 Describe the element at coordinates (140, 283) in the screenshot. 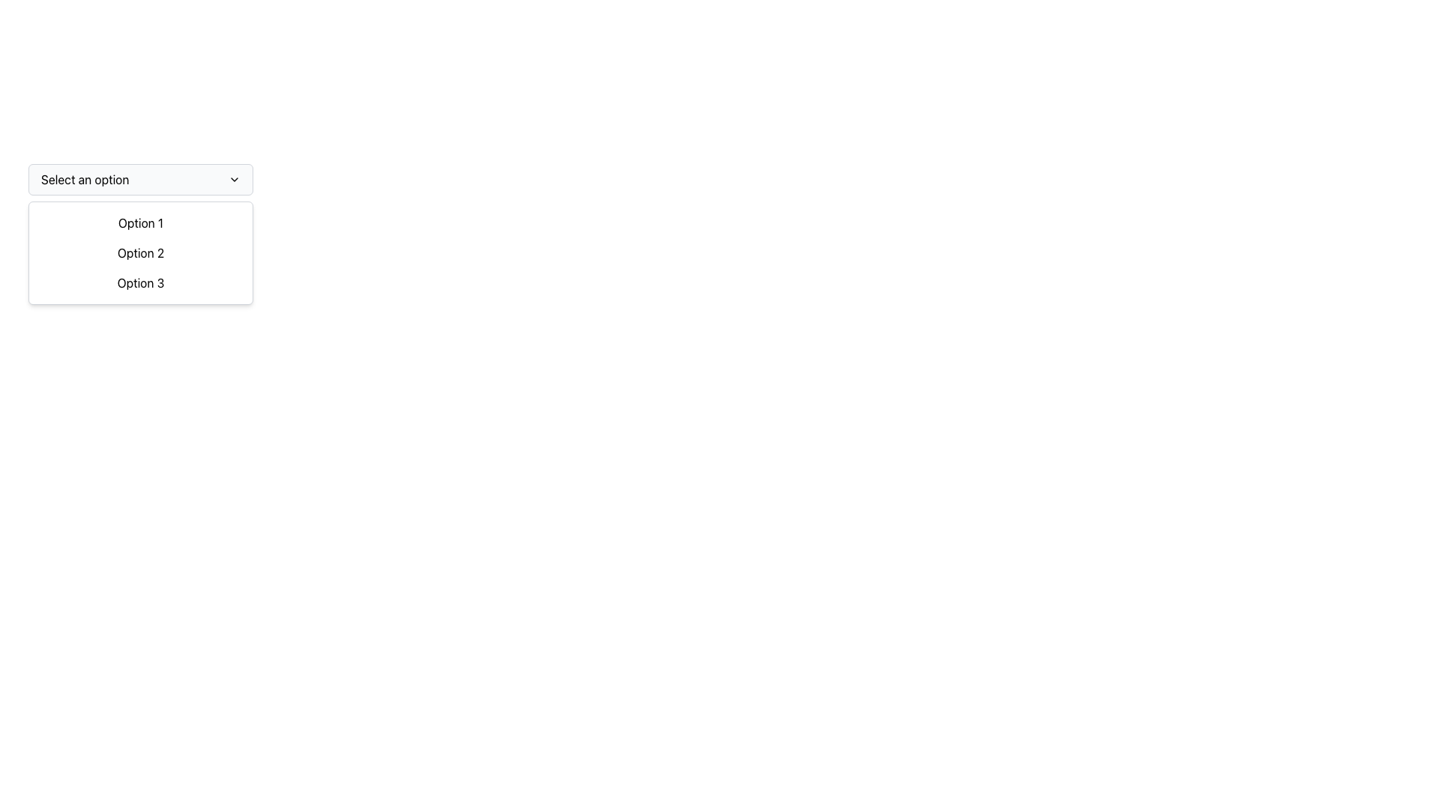

I see `the third option in the dropdown list` at that location.